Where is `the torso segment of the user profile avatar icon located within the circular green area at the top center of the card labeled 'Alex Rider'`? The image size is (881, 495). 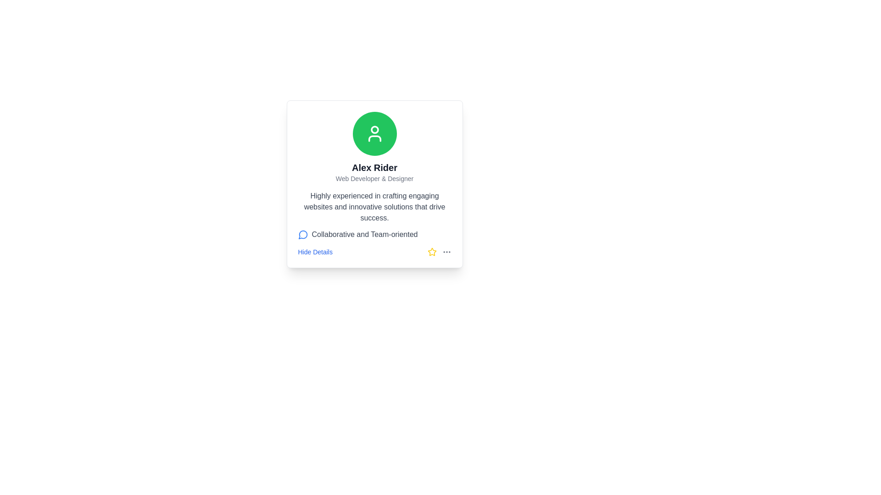
the torso segment of the user profile avatar icon located within the circular green area at the top center of the card labeled 'Alex Rider' is located at coordinates (374, 138).